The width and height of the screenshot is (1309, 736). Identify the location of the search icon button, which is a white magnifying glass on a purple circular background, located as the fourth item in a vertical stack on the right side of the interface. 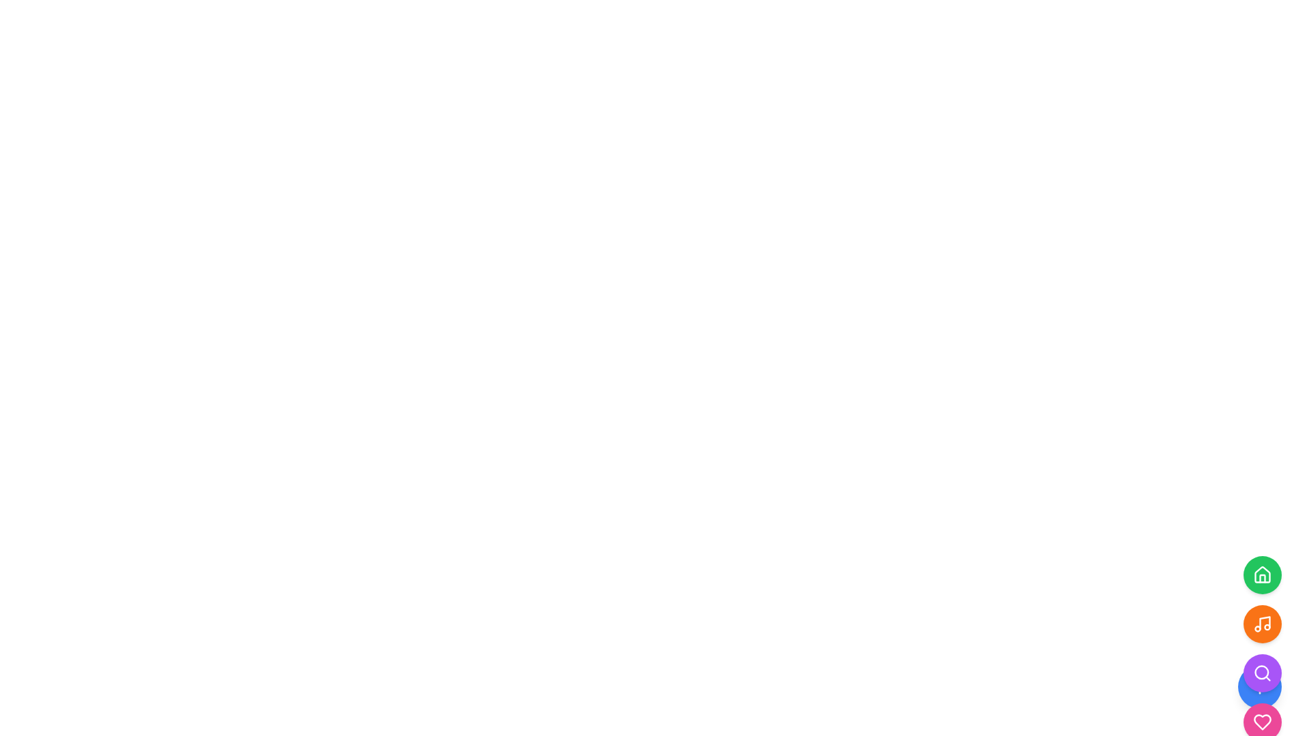
(1262, 672).